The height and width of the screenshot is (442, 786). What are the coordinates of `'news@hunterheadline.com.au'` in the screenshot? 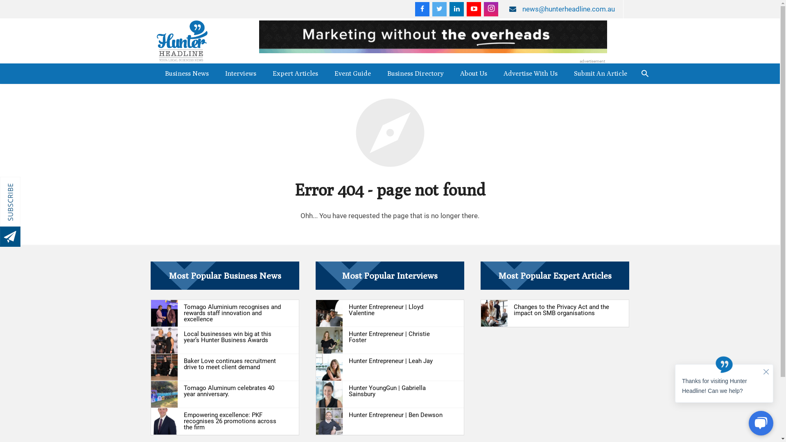 It's located at (568, 9).